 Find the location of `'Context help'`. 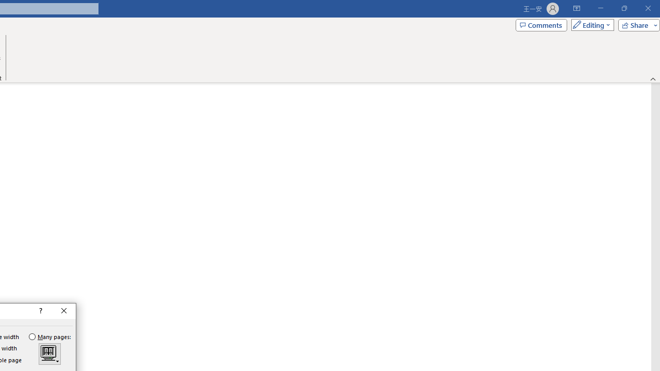

'Context help' is located at coordinates (40, 311).